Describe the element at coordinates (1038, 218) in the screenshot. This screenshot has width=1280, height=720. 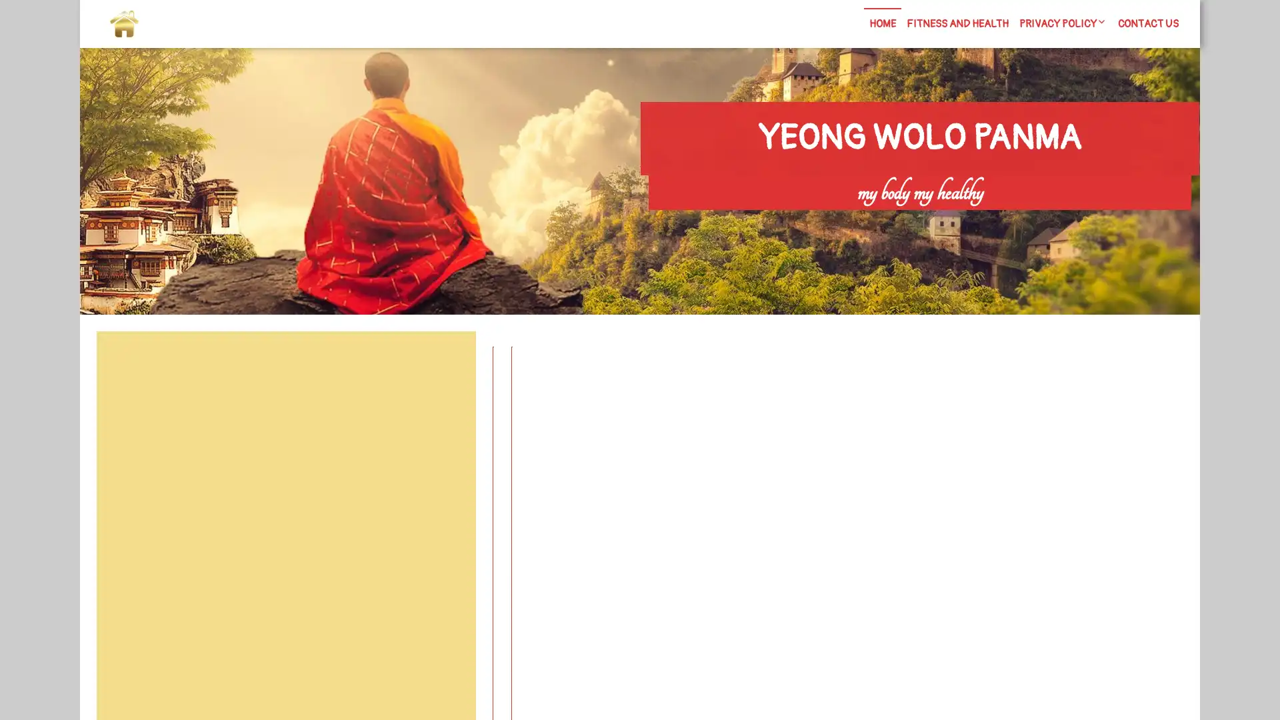
I see `Search` at that location.